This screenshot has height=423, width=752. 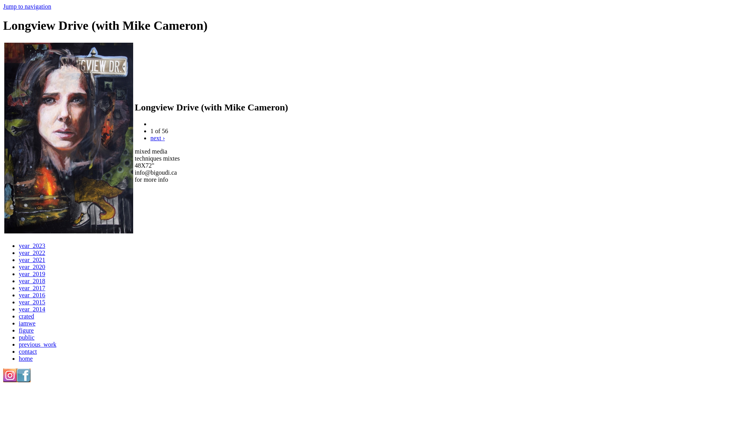 I want to click on 'year_2019', so click(x=31, y=273).